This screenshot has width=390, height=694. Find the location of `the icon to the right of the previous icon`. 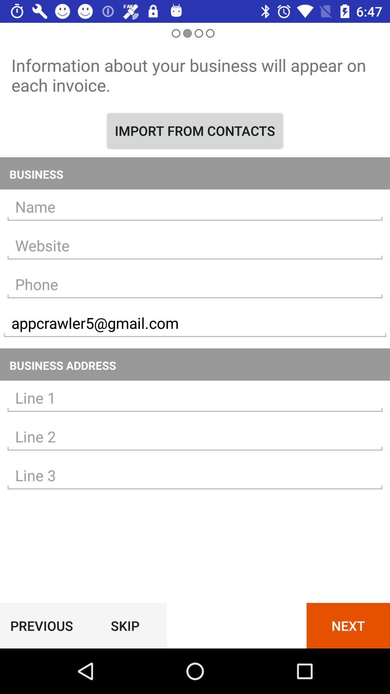

the icon to the right of the previous icon is located at coordinates (125, 625).